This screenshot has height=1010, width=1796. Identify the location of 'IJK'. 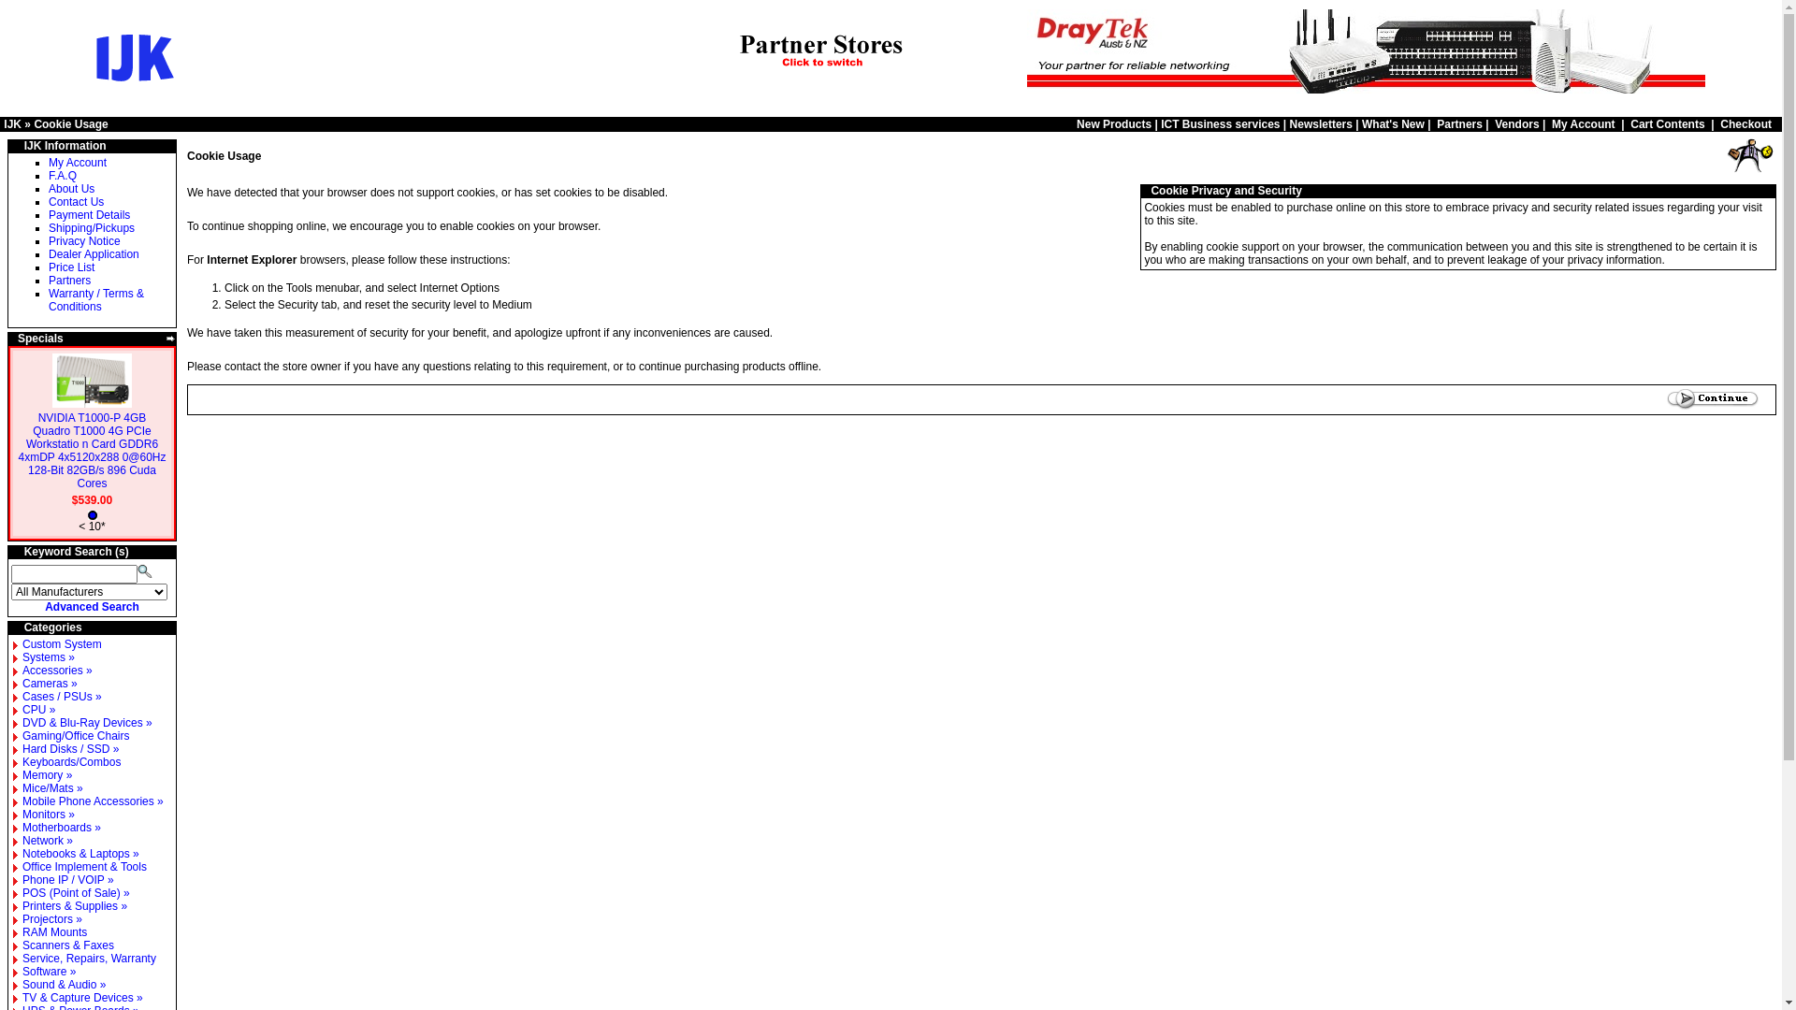
(12, 123).